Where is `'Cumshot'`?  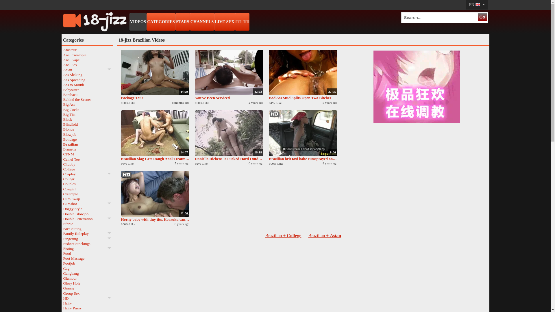 'Cumshot' is located at coordinates (87, 203).